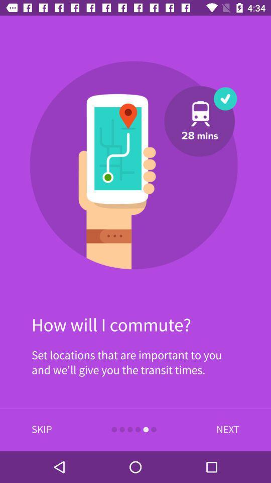 This screenshot has width=271, height=483. I want to click on the item below the set locations that item, so click(225, 429).